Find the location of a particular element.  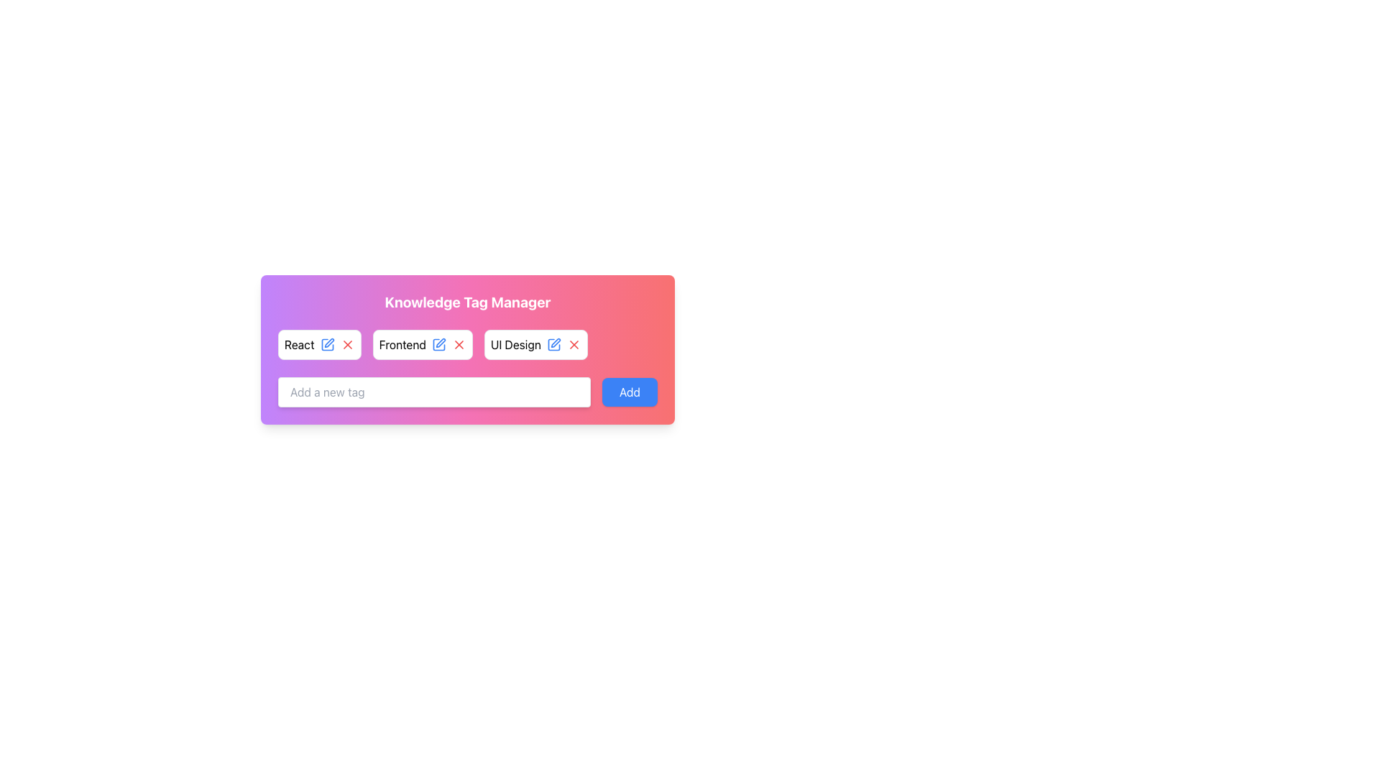

the close icon (red 'X') of the Tag Component, which is a rectangular button with the text 'React' and icons on it is located at coordinates (318, 344).